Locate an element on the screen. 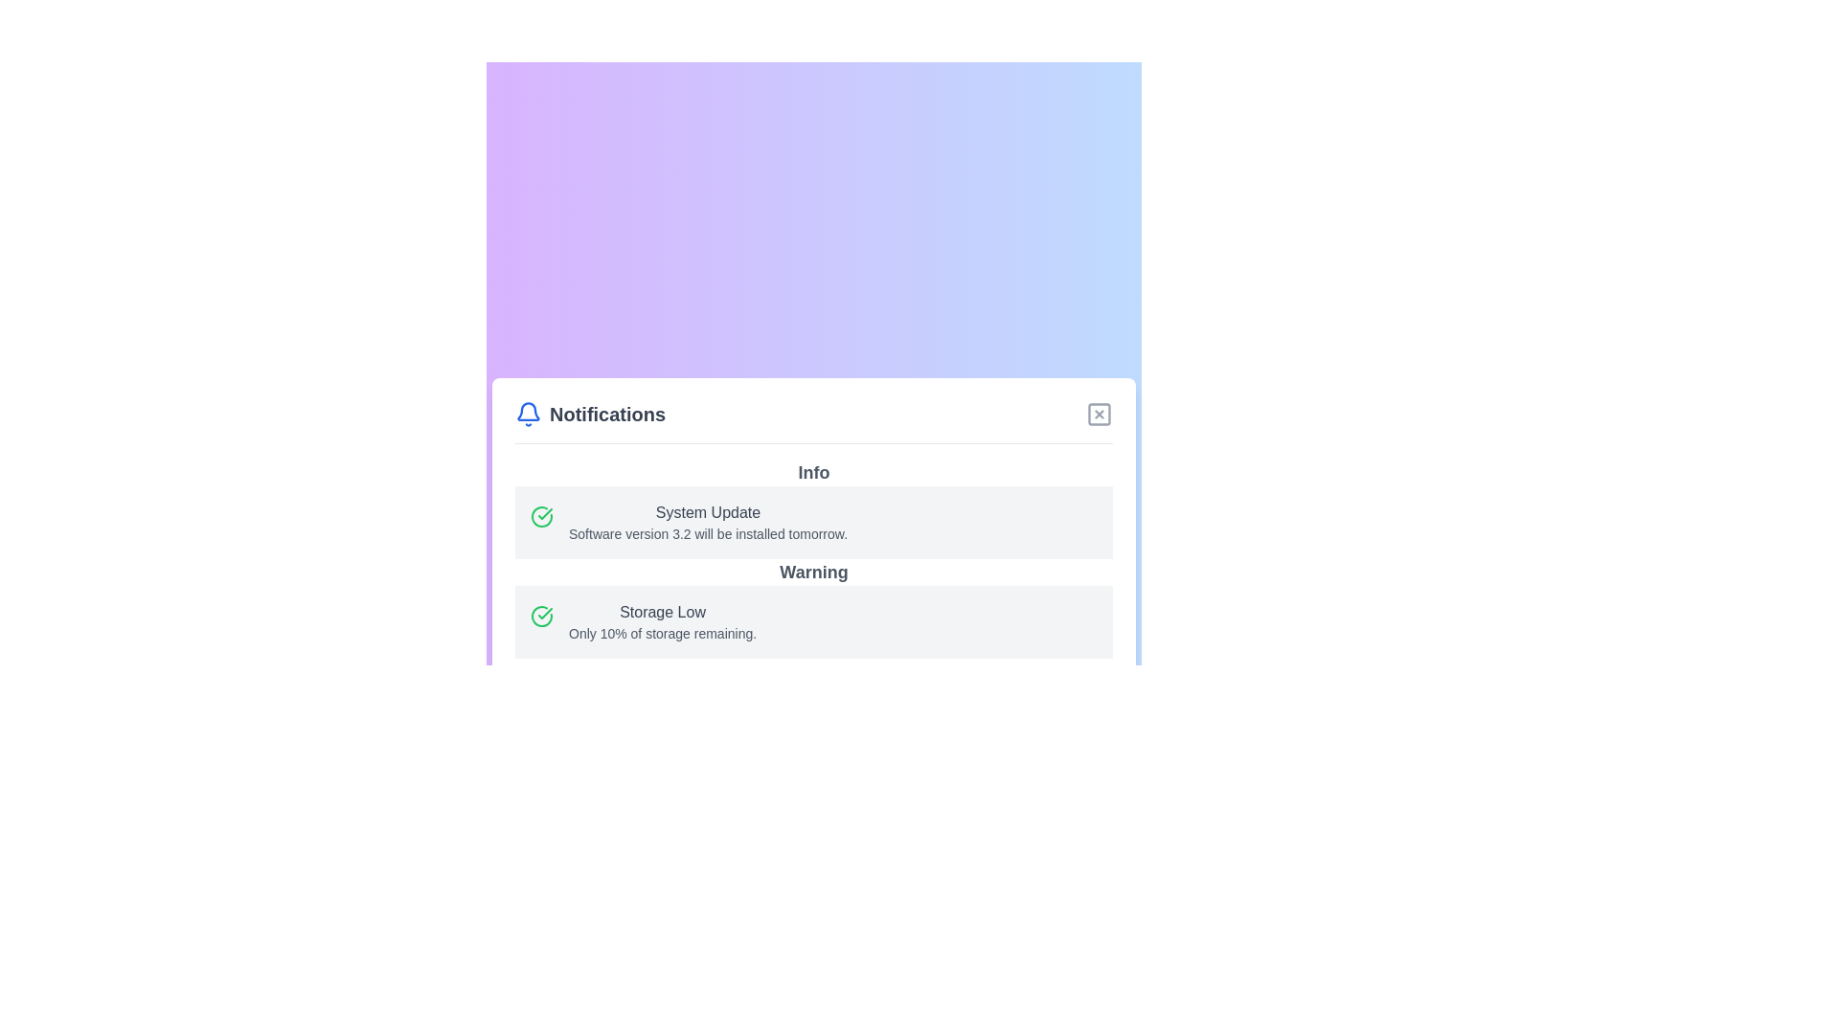 This screenshot has height=1034, width=1839. informational message displayed in the text label about the remaining storage capacity, positioned below the 'Storage Low' label in the warning notification panel is located at coordinates (662, 633).